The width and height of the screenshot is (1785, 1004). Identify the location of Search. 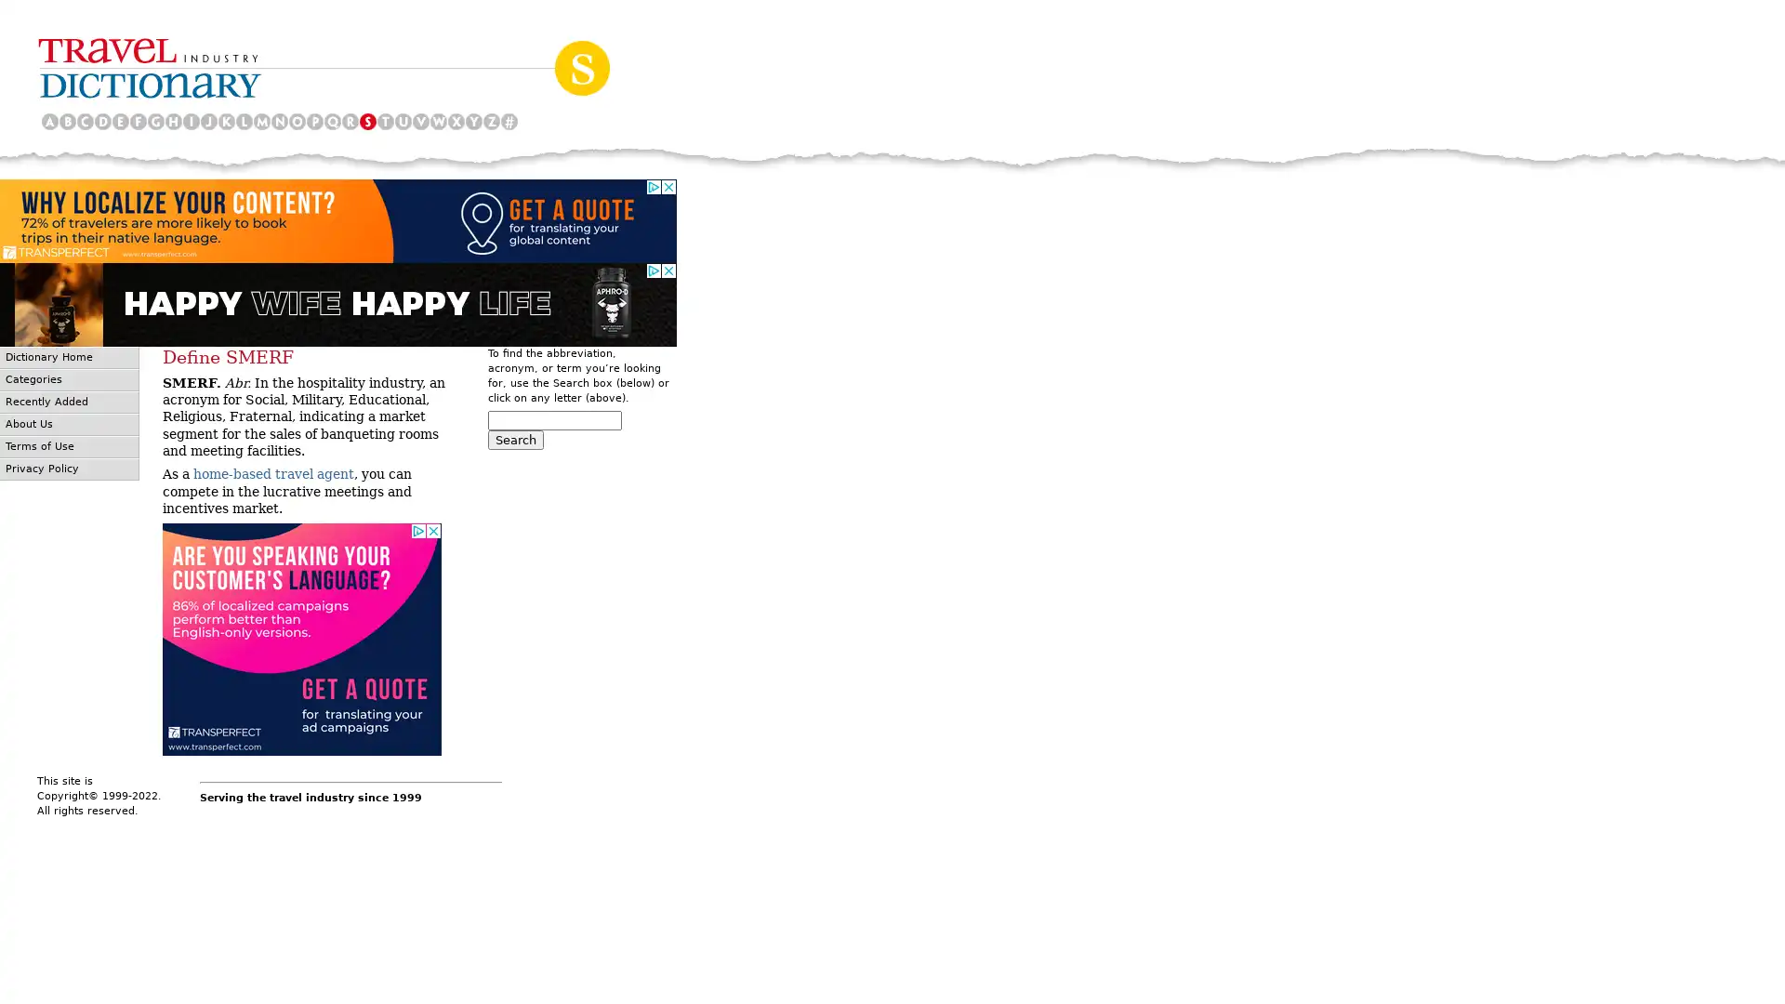
(516, 440).